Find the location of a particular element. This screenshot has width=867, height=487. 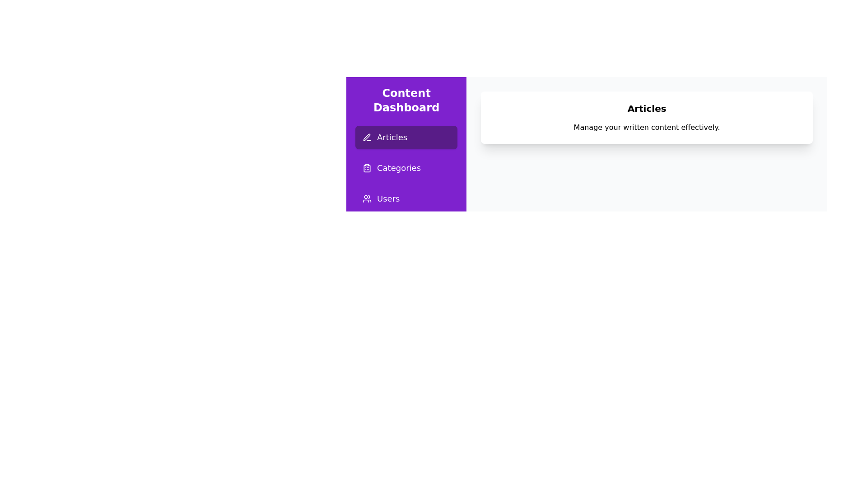

the sidebar button for the page Users is located at coordinates (406, 198).